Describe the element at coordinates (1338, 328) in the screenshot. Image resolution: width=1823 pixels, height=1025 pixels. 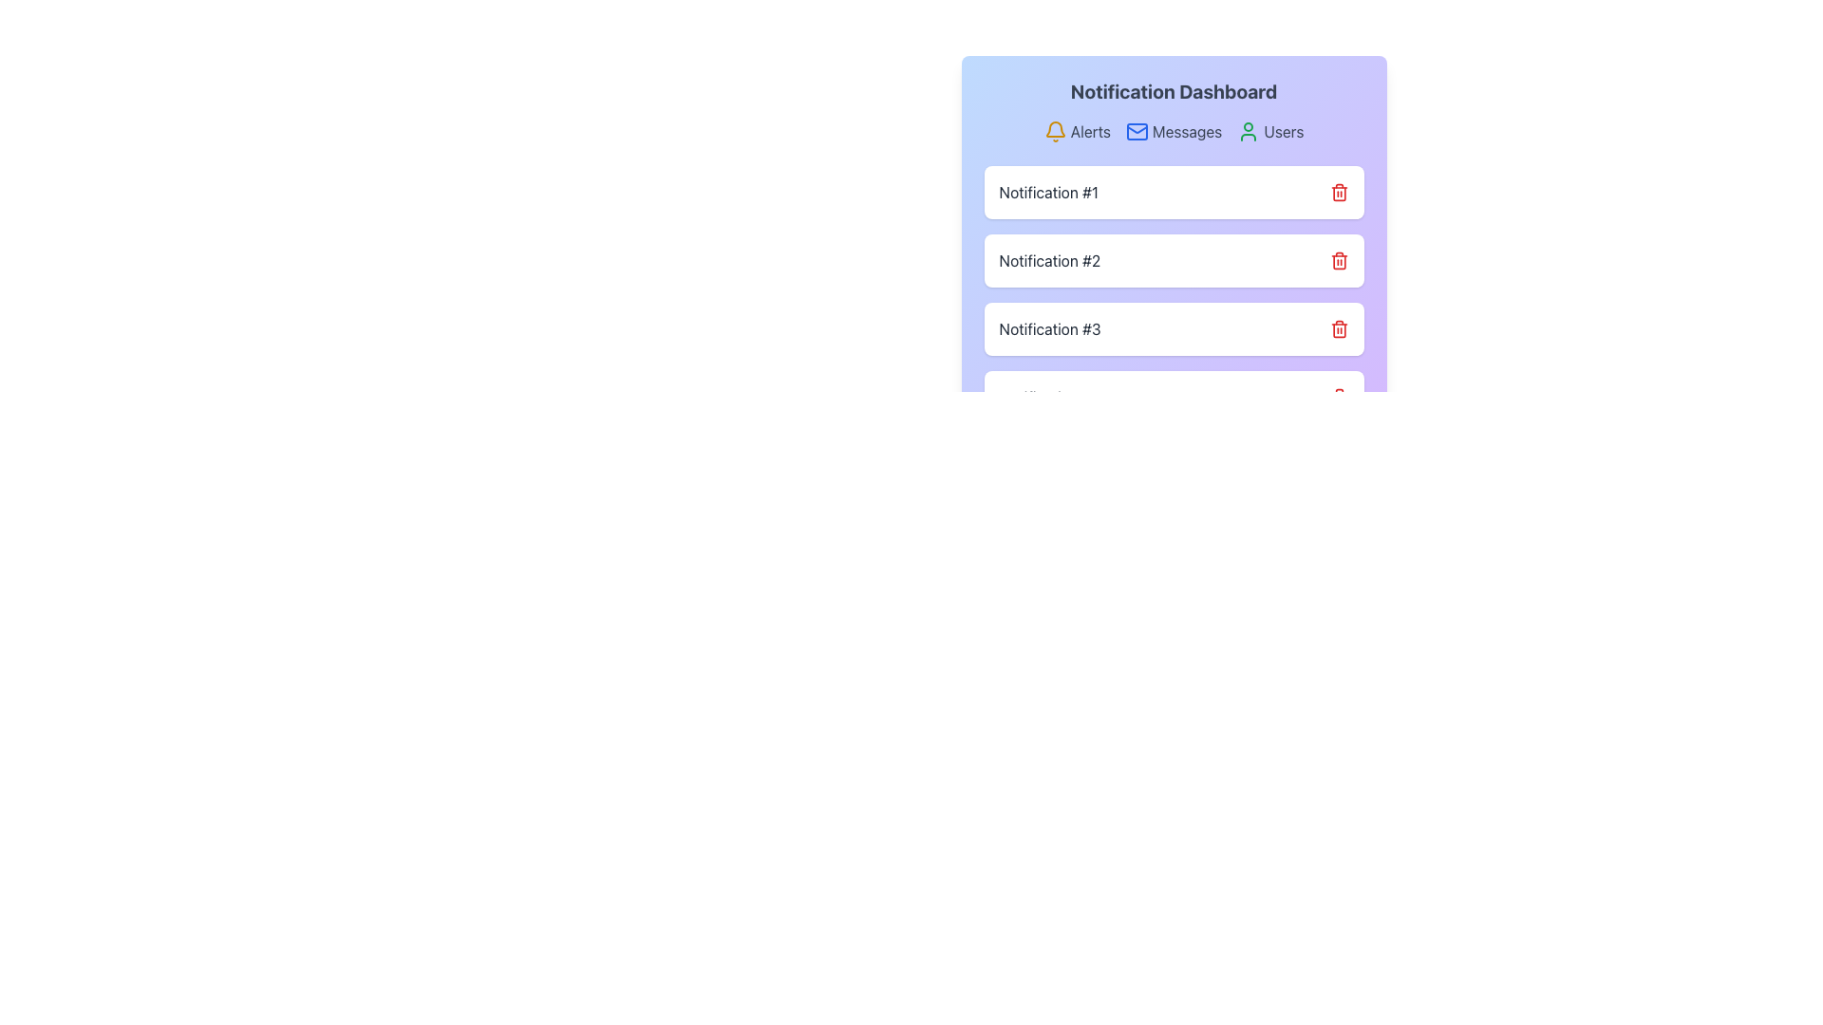
I see `the red trash icon button located at the far-right end of the notification card labeled 'Notification #3'` at that location.